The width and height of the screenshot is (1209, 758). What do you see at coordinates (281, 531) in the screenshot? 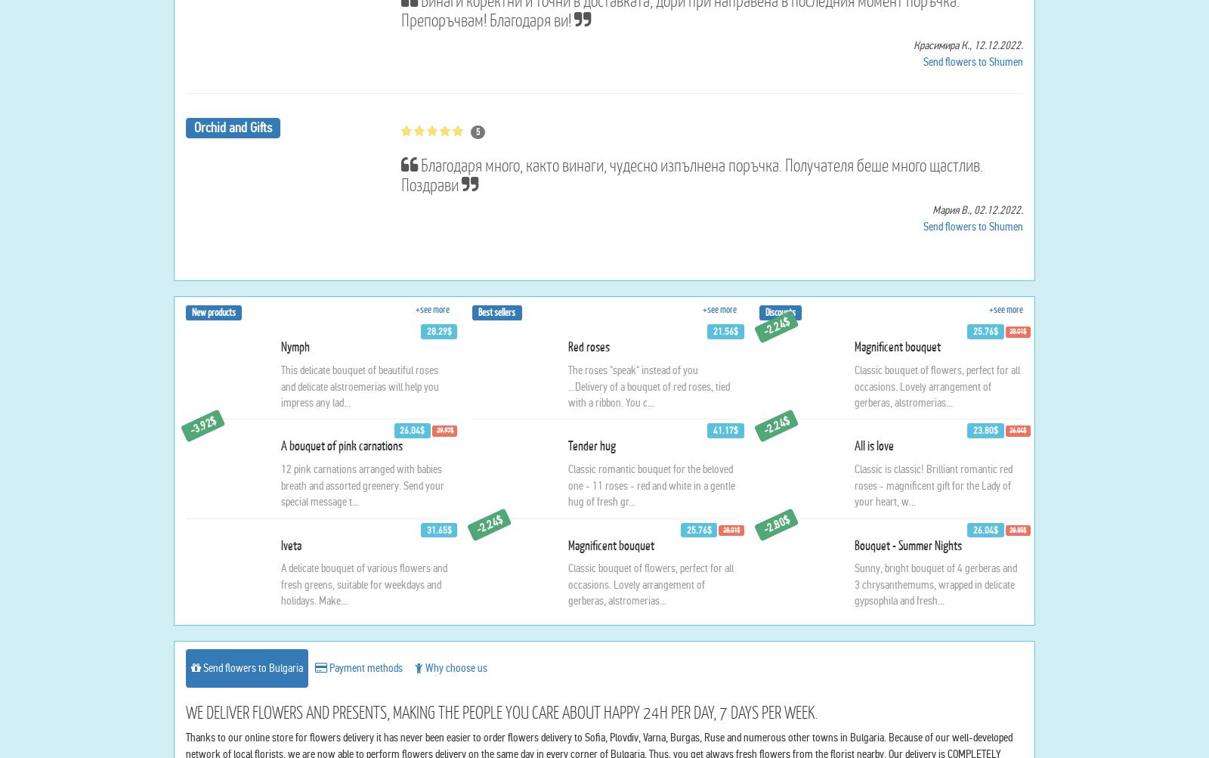
I see `'This delicate bouquet of beautiful roses and delicate alstroemerias will help you impress any lad...'` at bounding box center [281, 531].